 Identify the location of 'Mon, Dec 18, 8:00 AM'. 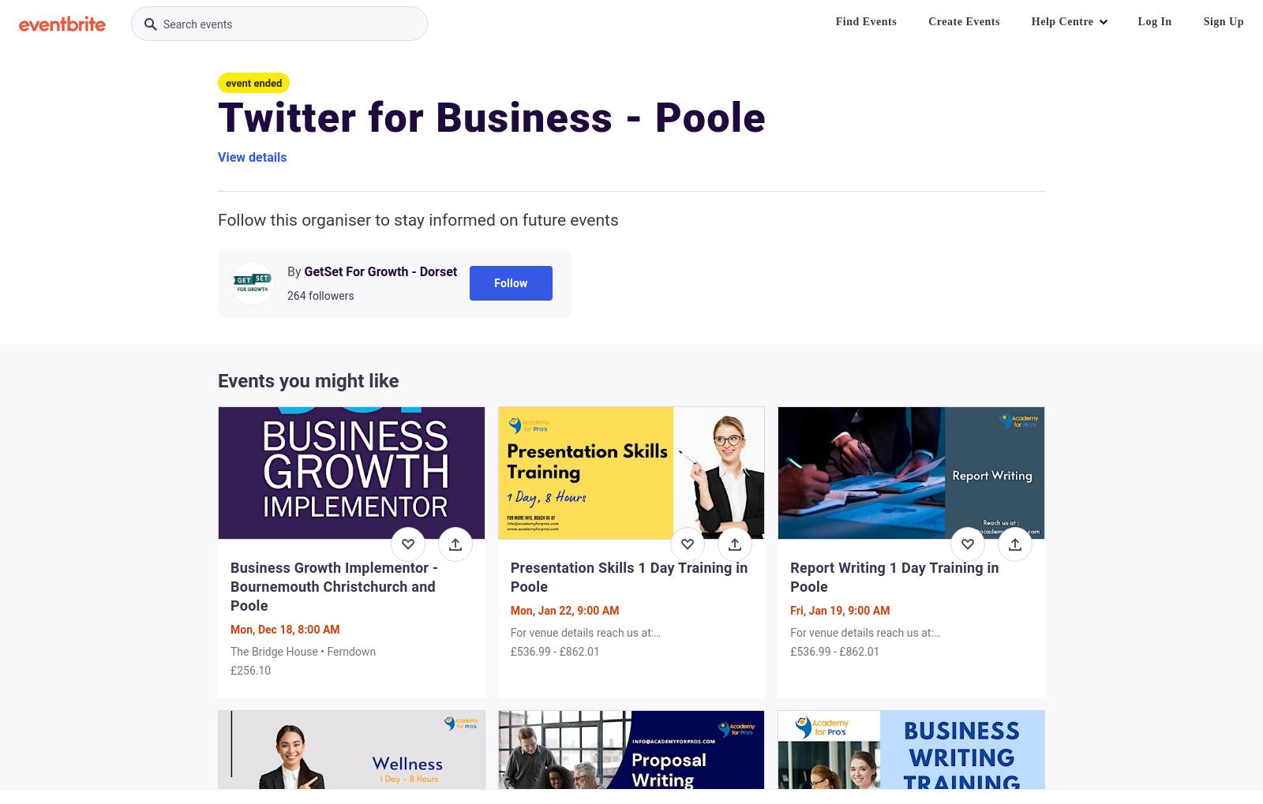
(230, 629).